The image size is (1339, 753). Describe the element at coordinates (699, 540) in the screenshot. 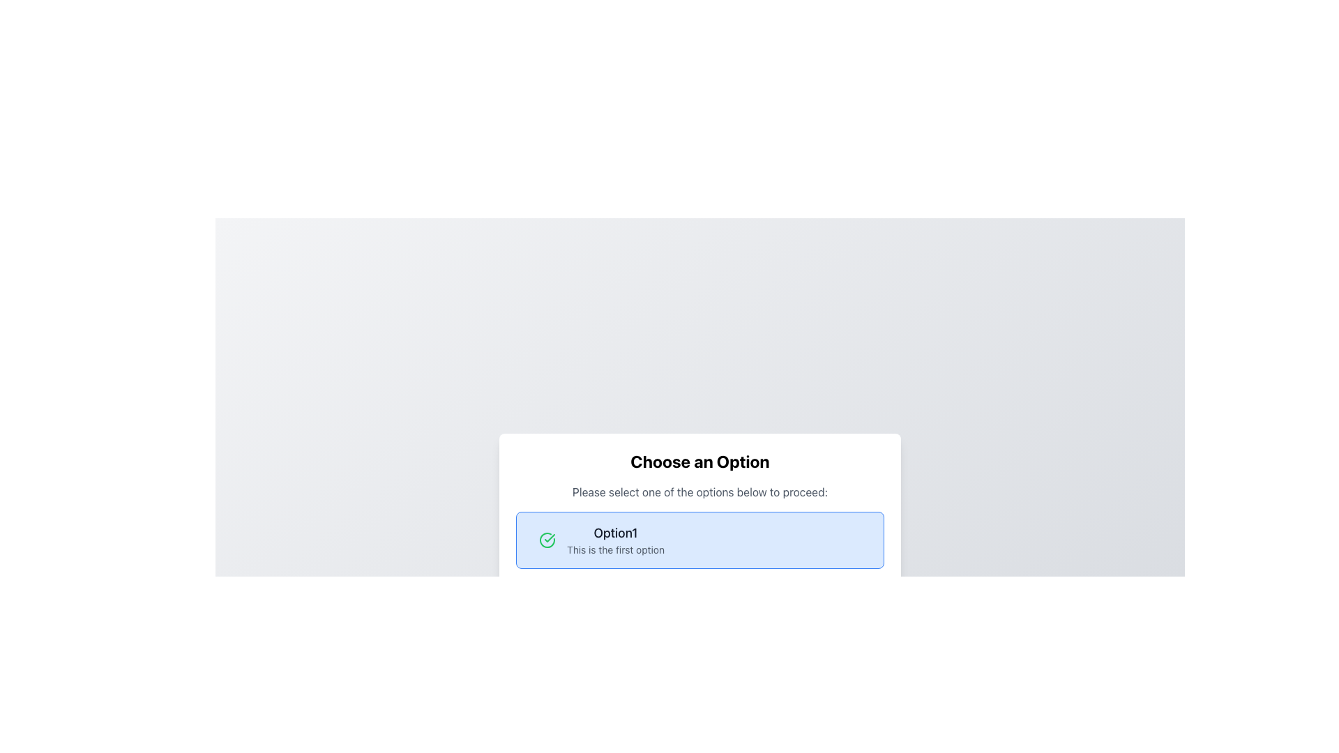

I see `the first selectable option button with a blue background, labeled 'Option1'` at that location.